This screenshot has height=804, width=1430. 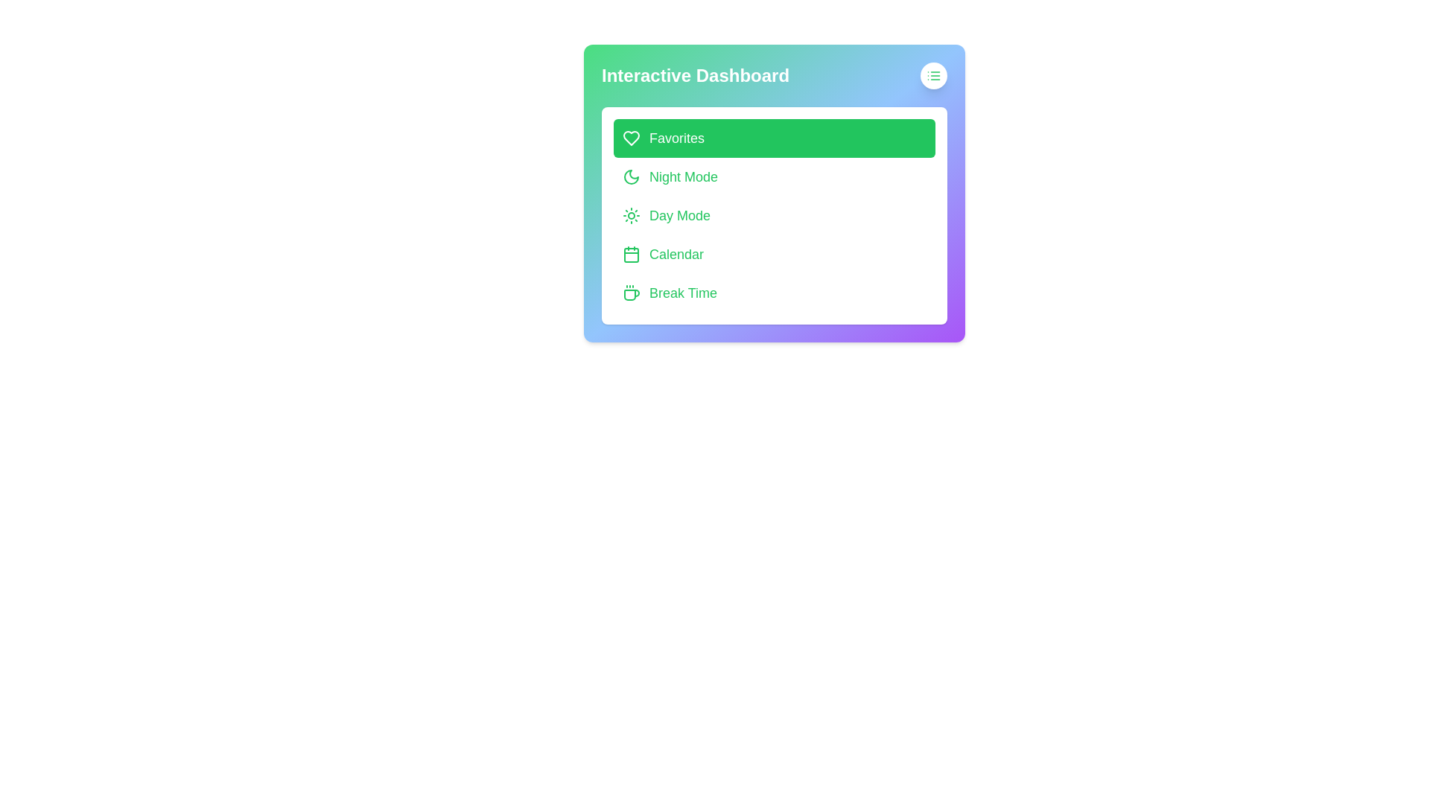 I want to click on the menu option Calendar in the Interactive Dashboard, so click(x=775, y=254).